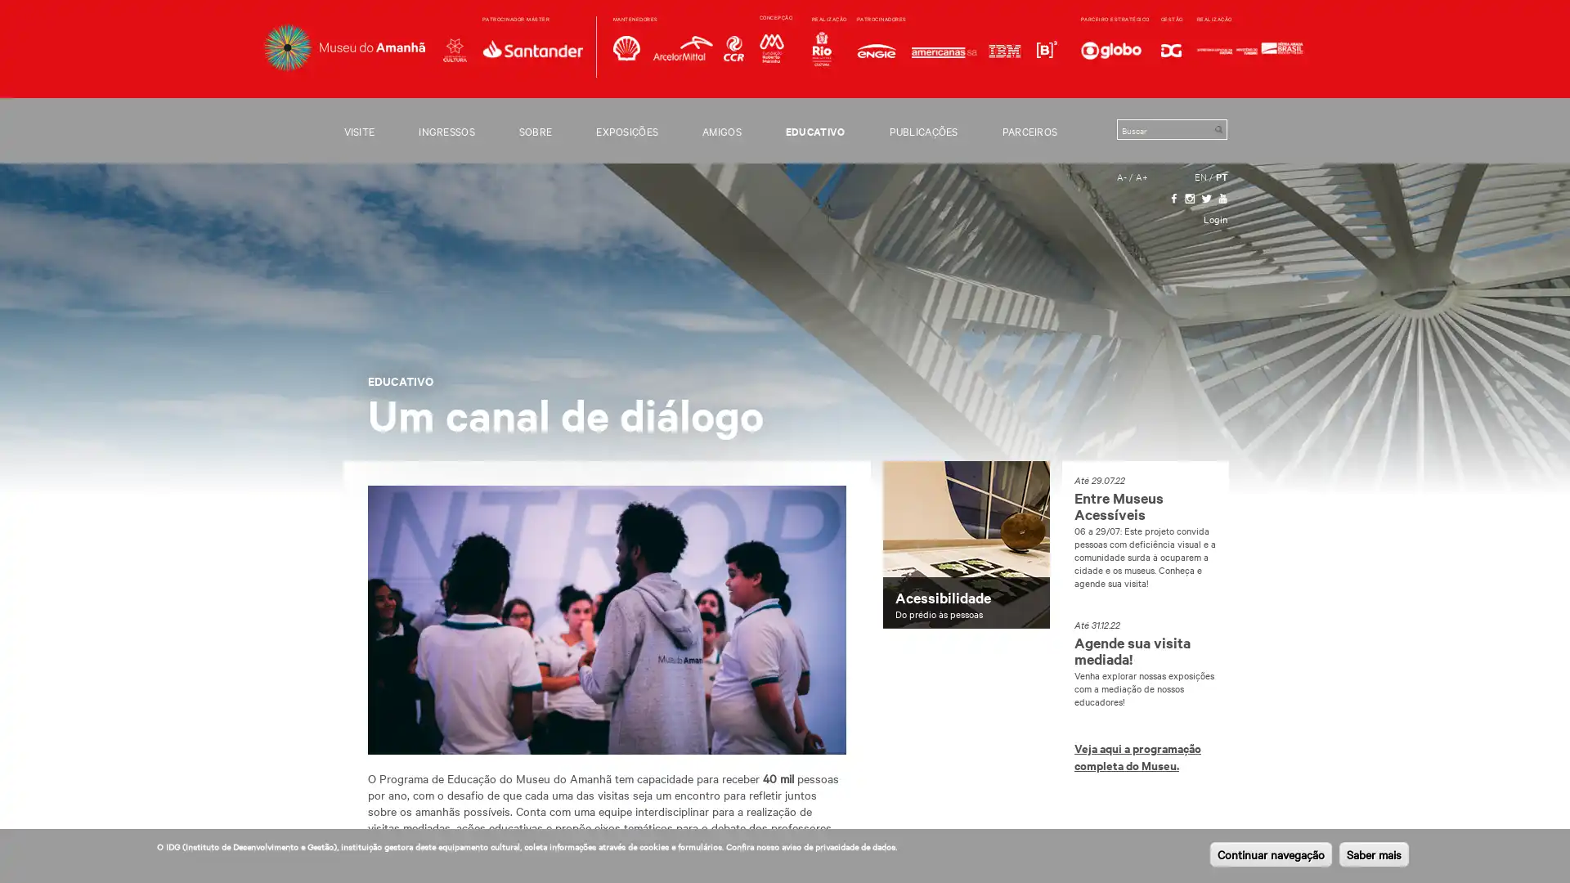 Image resolution: width=1570 pixels, height=883 pixels. What do you see at coordinates (1218, 128) in the screenshot?
I see `Submit` at bounding box center [1218, 128].